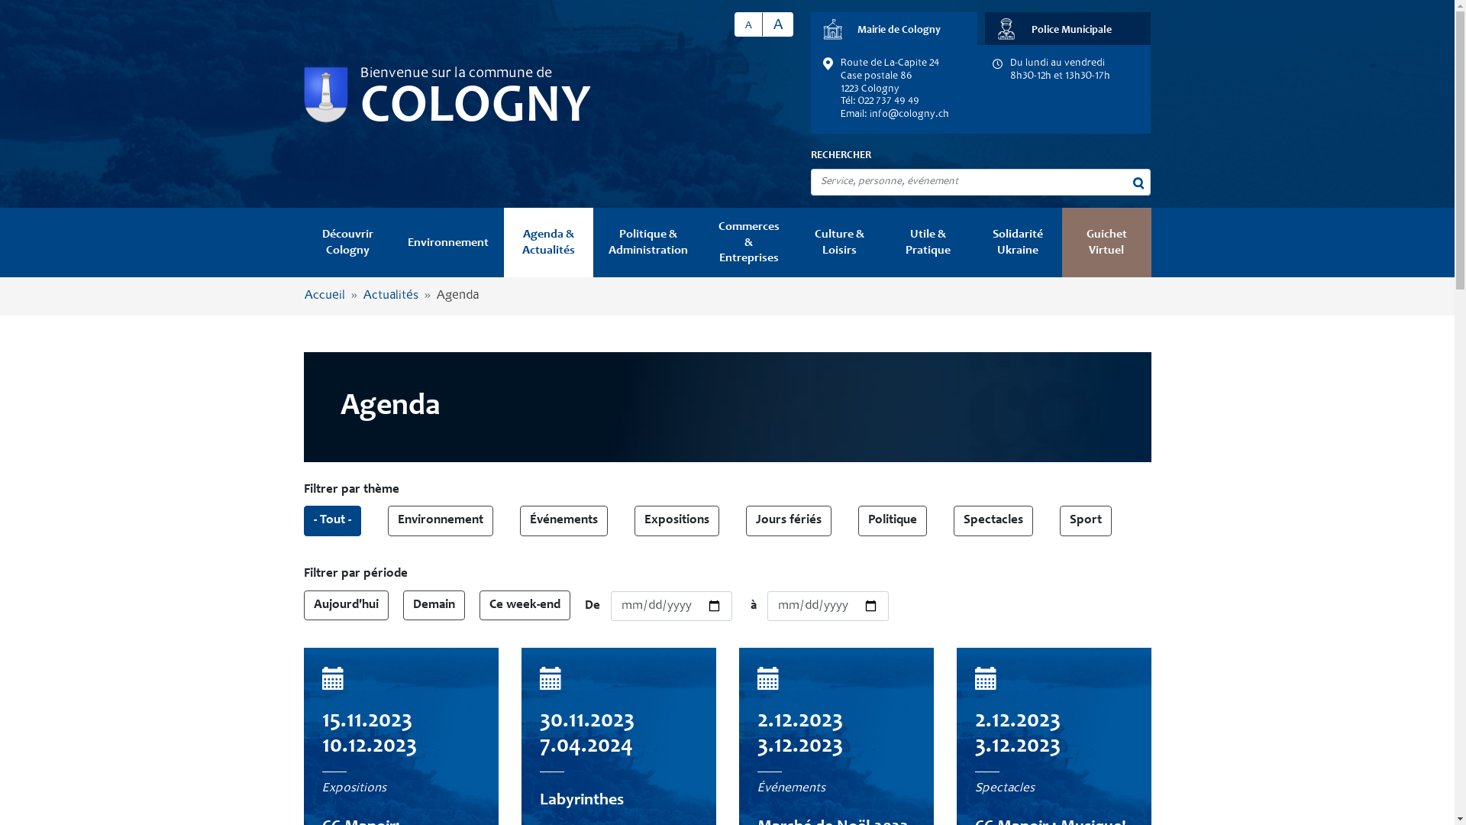 Image resolution: width=1466 pixels, height=825 pixels. What do you see at coordinates (1067, 28) in the screenshot?
I see `'Police Municipale'` at bounding box center [1067, 28].